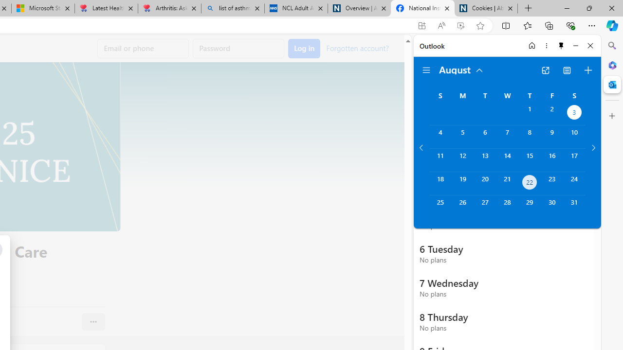 This screenshot has height=350, width=623. What do you see at coordinates (552, 113) in the screenshot?
I see `'Friday, August 2, 2024. '` at bounding box center [552, 113].